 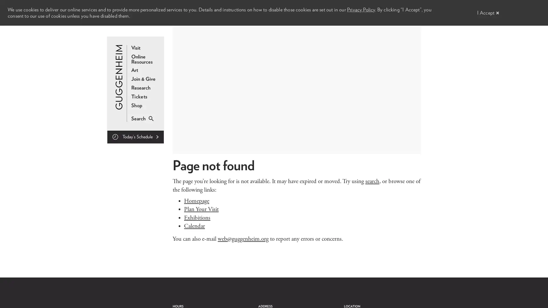 I want to click on Launch Art Submenu Modal, so click(x=134, y=70).